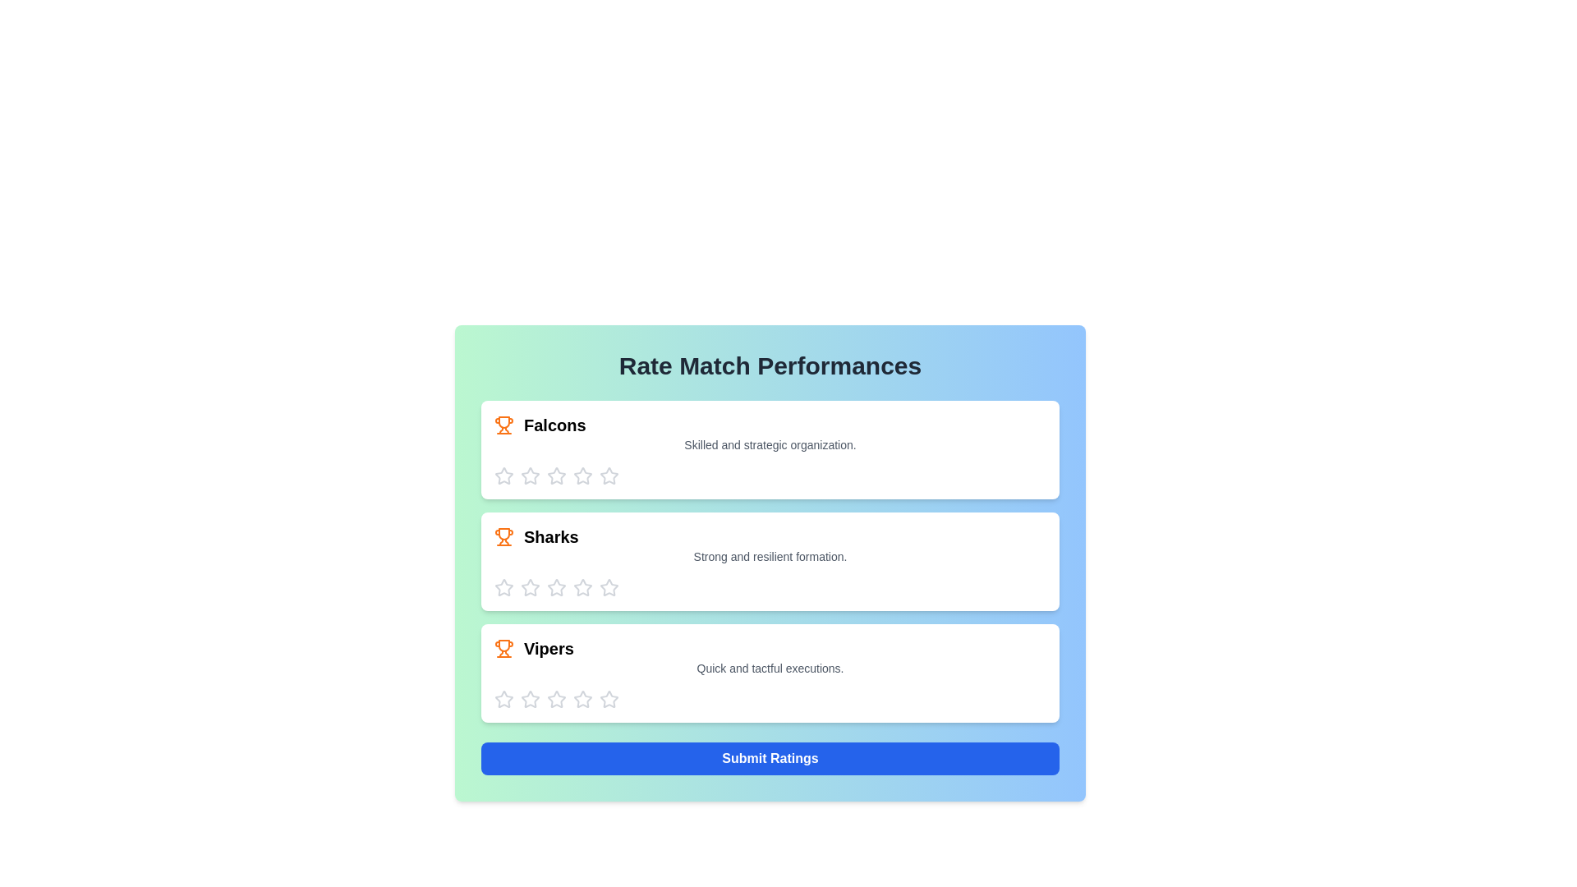 The width and height of the screenshot is (1577, 887). What do you see at coordinates (556, 476) in the screenshot?
I see `the Falcons team's 3 star to set the rating` at bounding box center [556, 476].